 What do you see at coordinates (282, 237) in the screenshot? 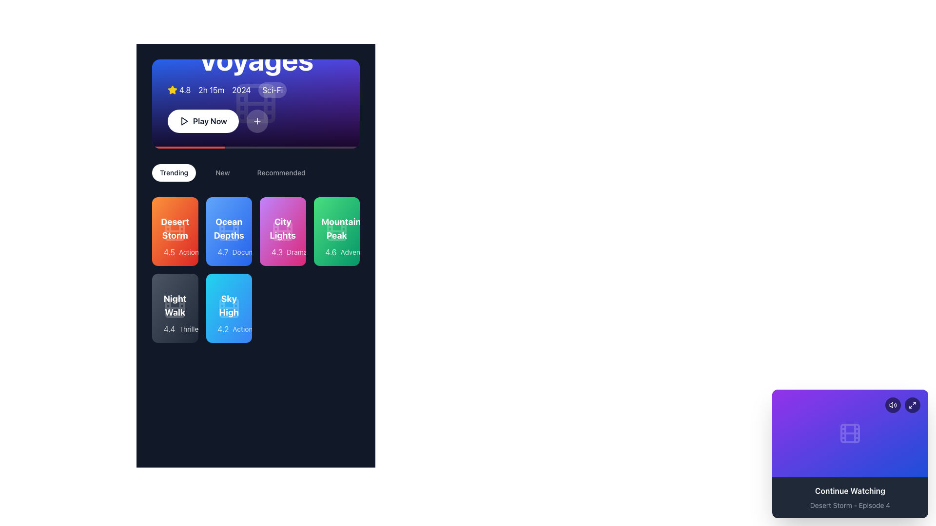
I see `the third card in the 'Trending' section that provides details about a specific movie or show, such as its title, rating, and genre` at bounding box center [282, 237].